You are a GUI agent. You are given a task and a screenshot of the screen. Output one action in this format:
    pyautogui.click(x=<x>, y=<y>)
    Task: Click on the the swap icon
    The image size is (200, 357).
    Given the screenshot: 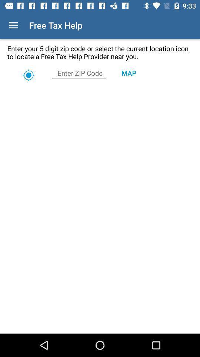 What is the action you would take?
    pyautogui.click(x=28, y=75)
    